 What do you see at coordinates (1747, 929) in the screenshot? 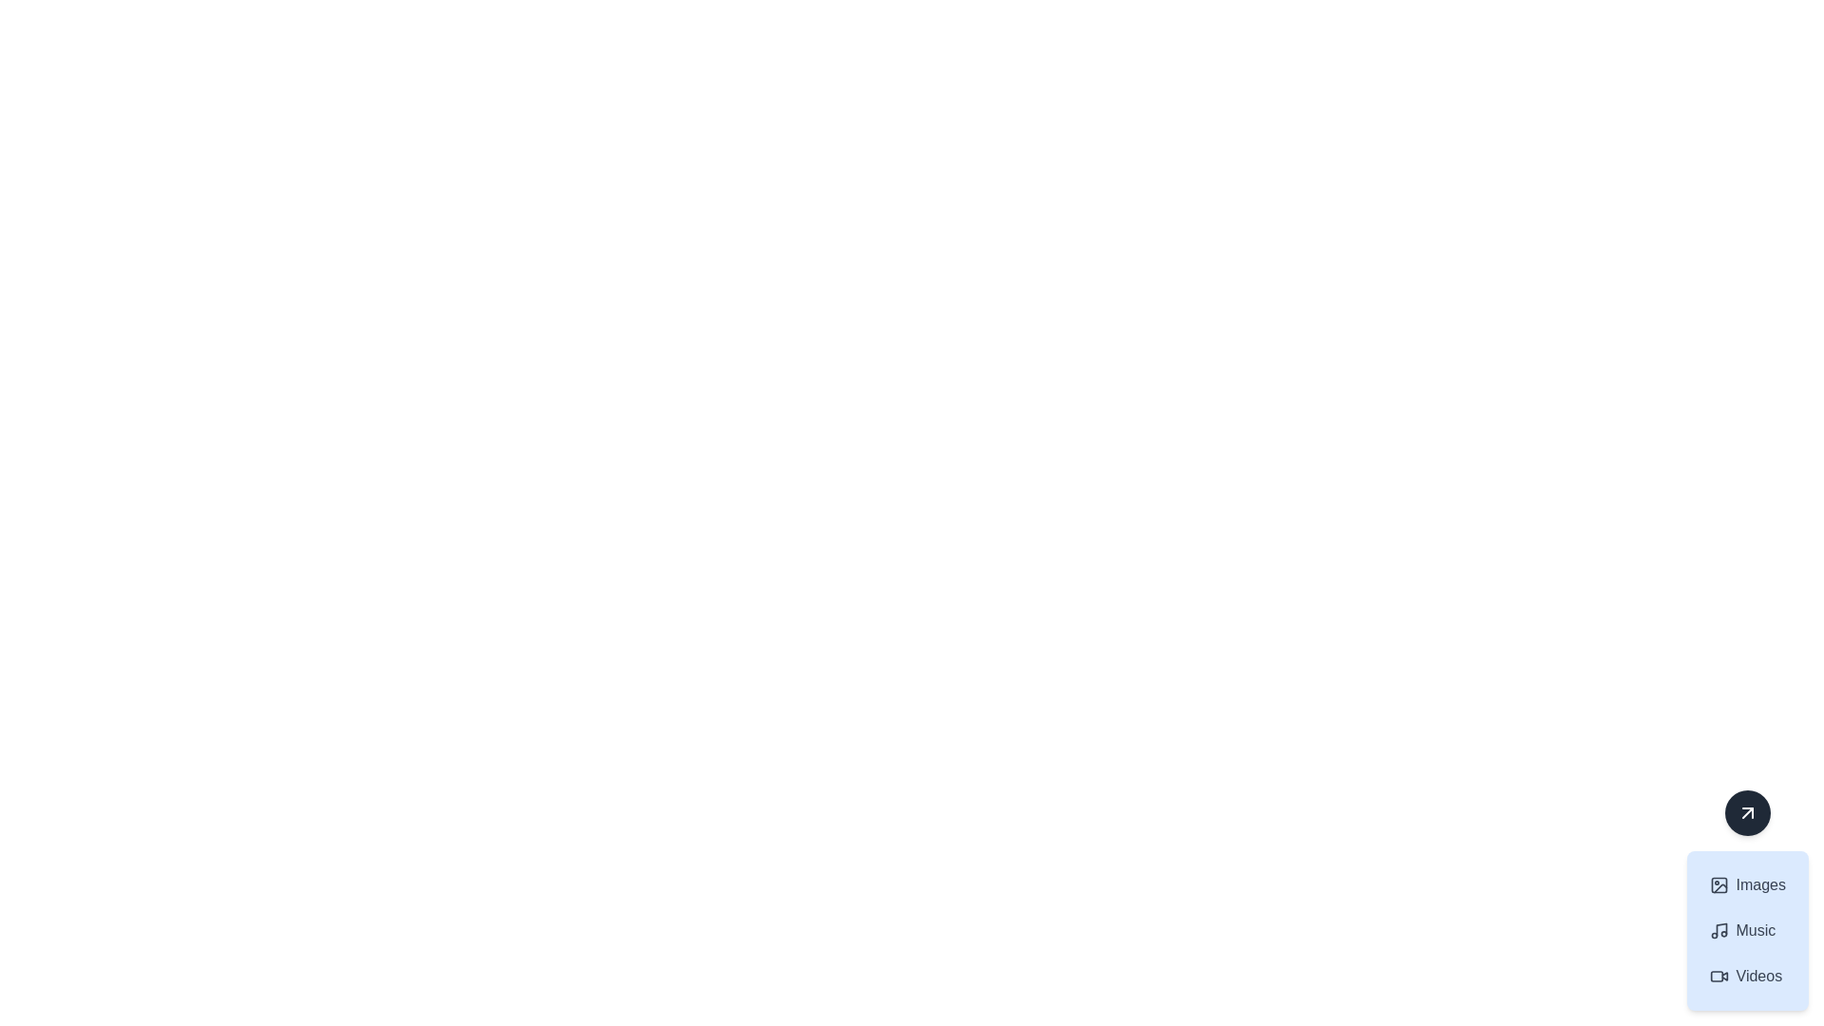
I see `the interactive button-like component containing the items 'Images', 'Music', and 'Videos' to trigger hover effects` at bounding box center [1747, 929].